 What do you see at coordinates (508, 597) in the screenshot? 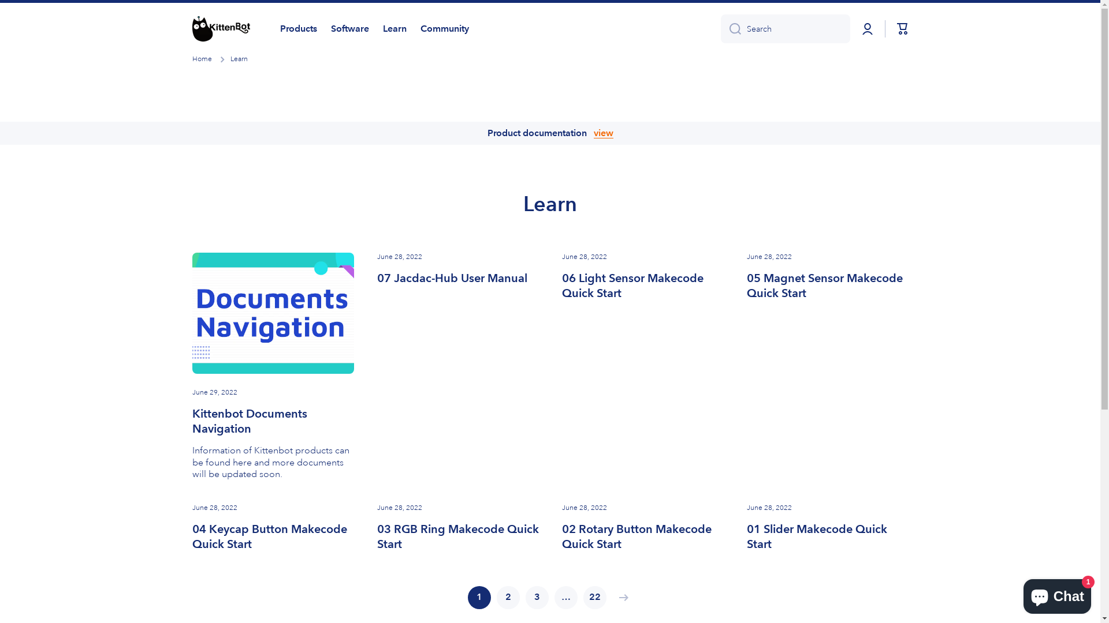
I see `'2'` at bounding box center [508, 597].